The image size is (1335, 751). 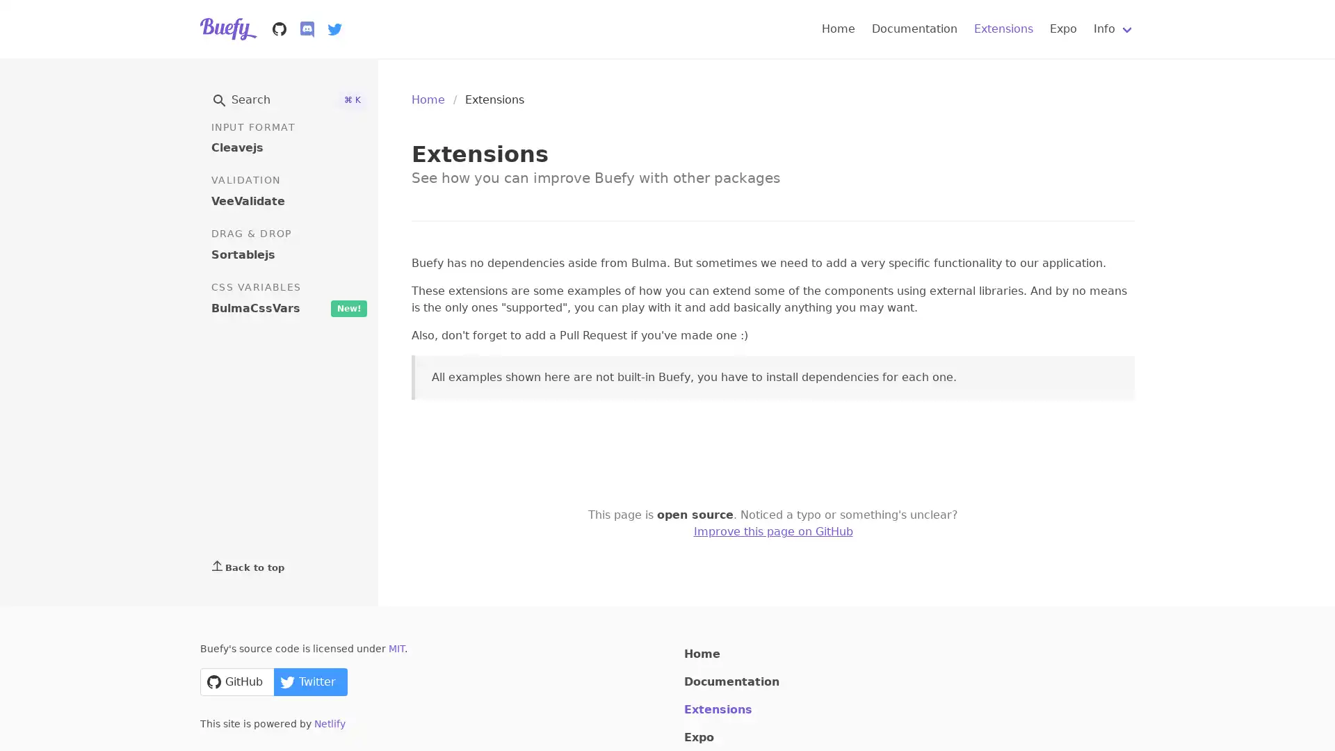 What do you see at coordinates (289, 566) in the screenshot?
I see `Back to top` at bounding box center [289, 566].